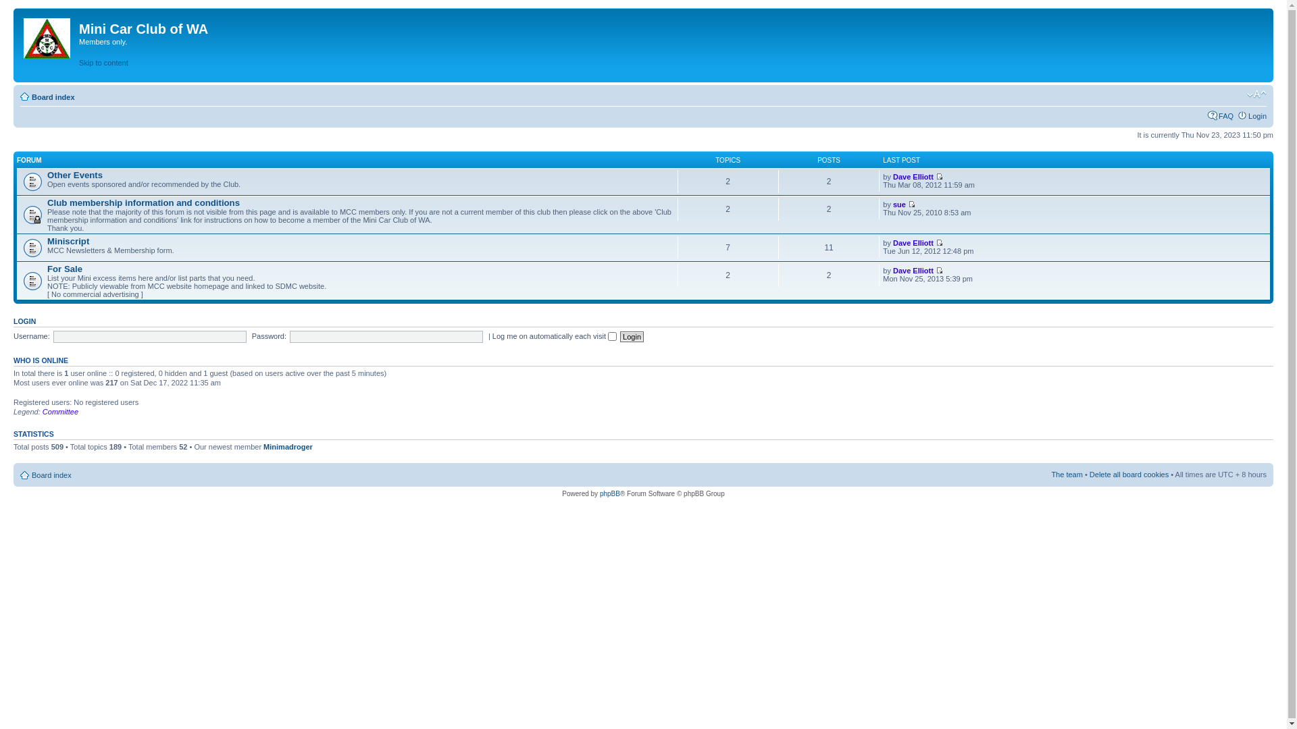  I want to click on 'Delete all board cookies', so click(1089, 473).